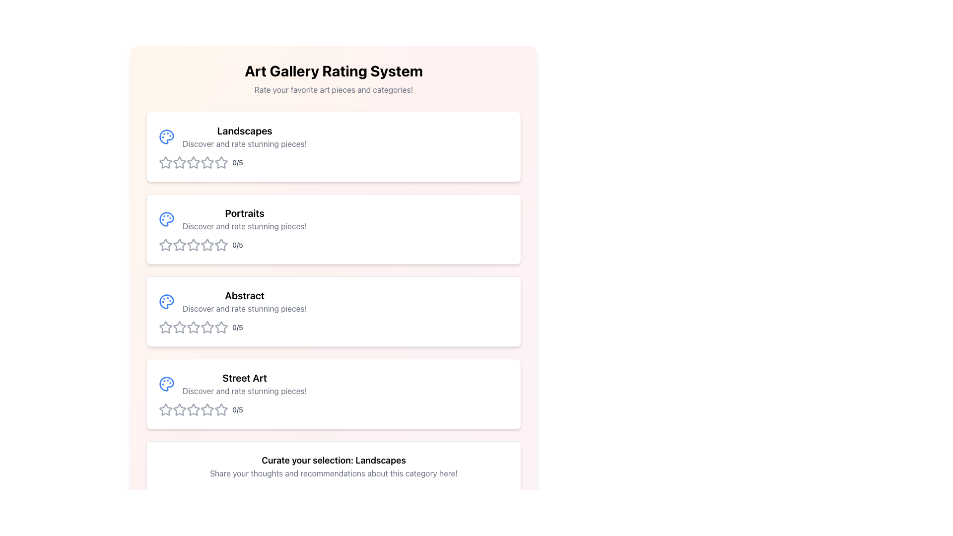 The height and width of the screenshot is (536, 953). What do you see at coordinates (206, 409) in the screenshot?
I see `the fourth star in the rating component for the 'Street Art' gallery item` at bounding box center [206, 409].